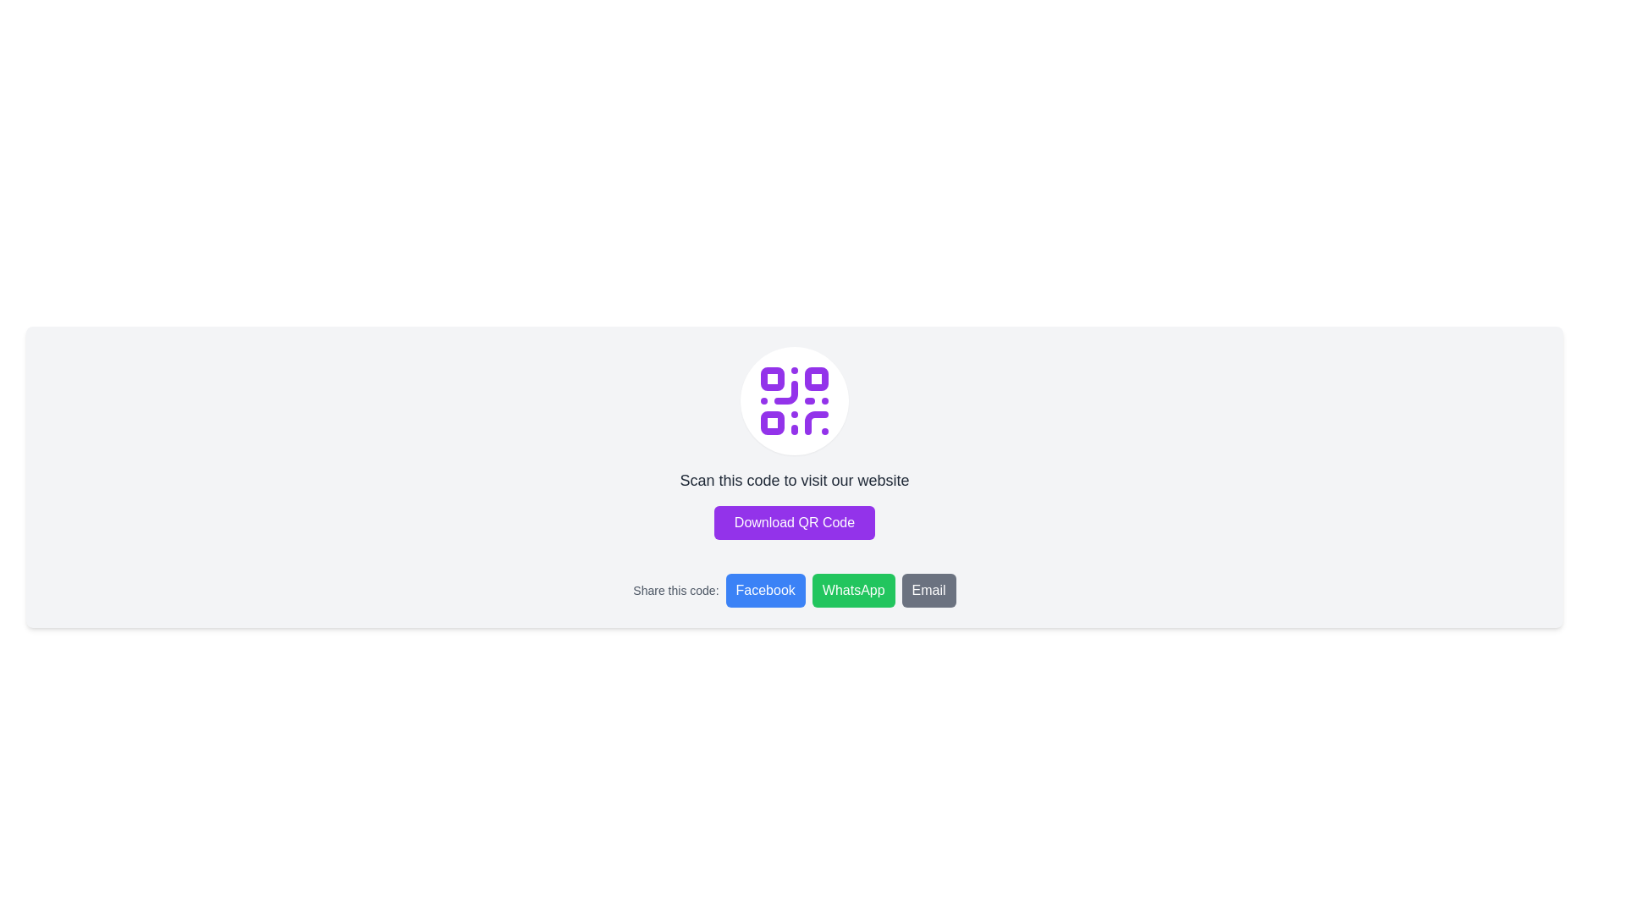 Image resolution: width=1625 pixels, height=914 pixels. Describe the element at coordinates (771, 422) in the screenshot. I see `the graphical element that contributes to forming the QR code representation, located in the bottom-left section of the code's matrix` at that location.